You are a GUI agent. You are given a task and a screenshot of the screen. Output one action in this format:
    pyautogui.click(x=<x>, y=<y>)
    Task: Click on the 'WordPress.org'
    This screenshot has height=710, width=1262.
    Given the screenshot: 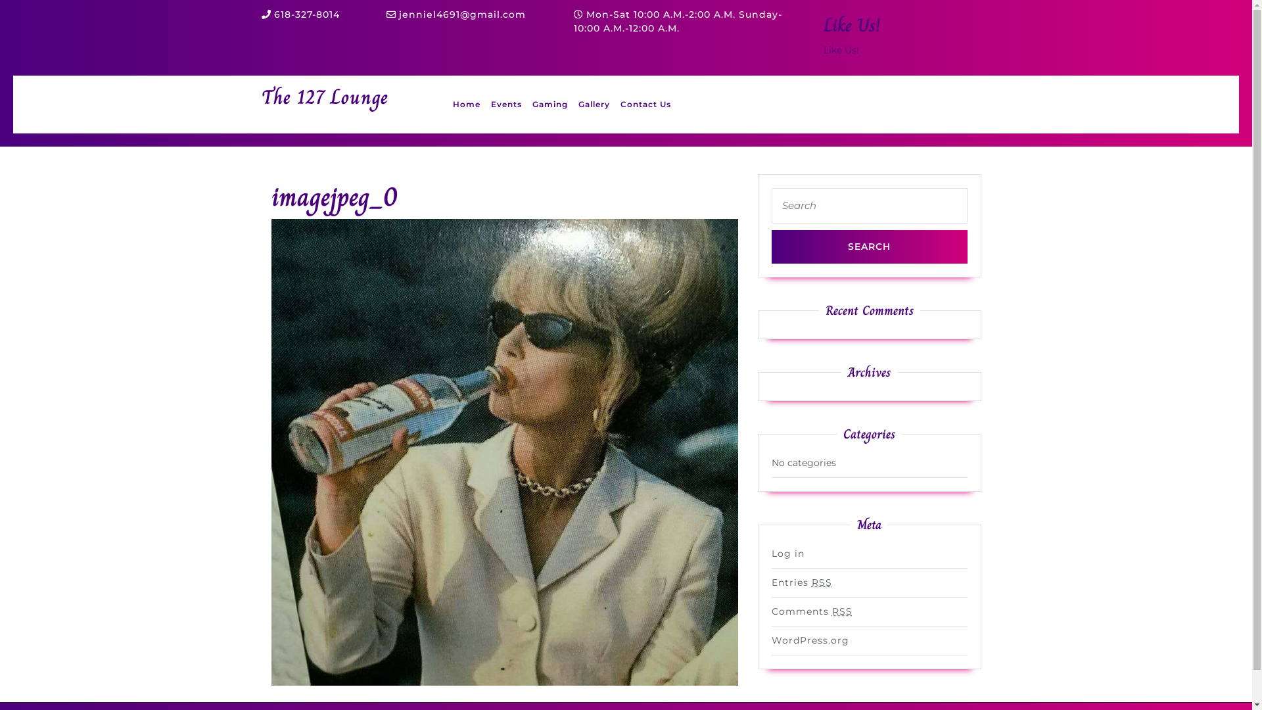 What is the action you would take?
    pyautogui.click(x=810, y=640)
    